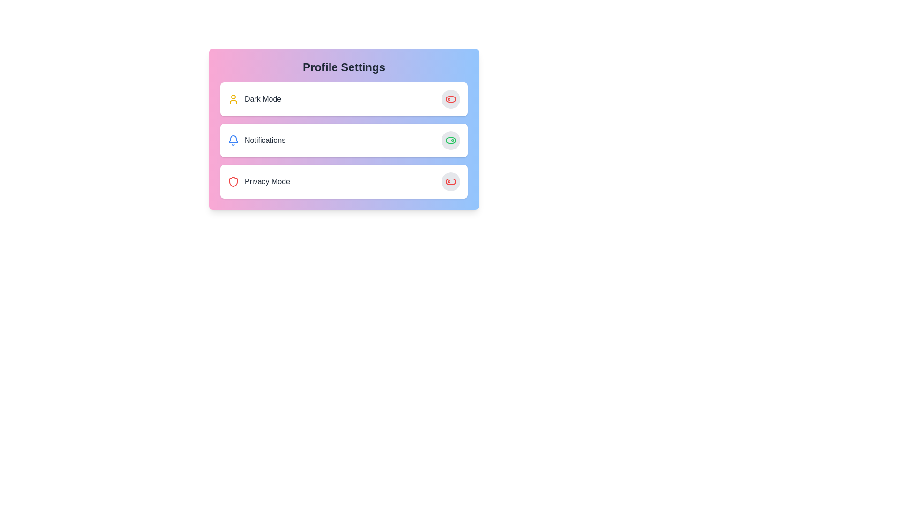  I want to click on the 'Privacy Mode' text label that is visually paired with a red shield icon, located in the third row of the 'Profile Settings' options, so click(259, 182).